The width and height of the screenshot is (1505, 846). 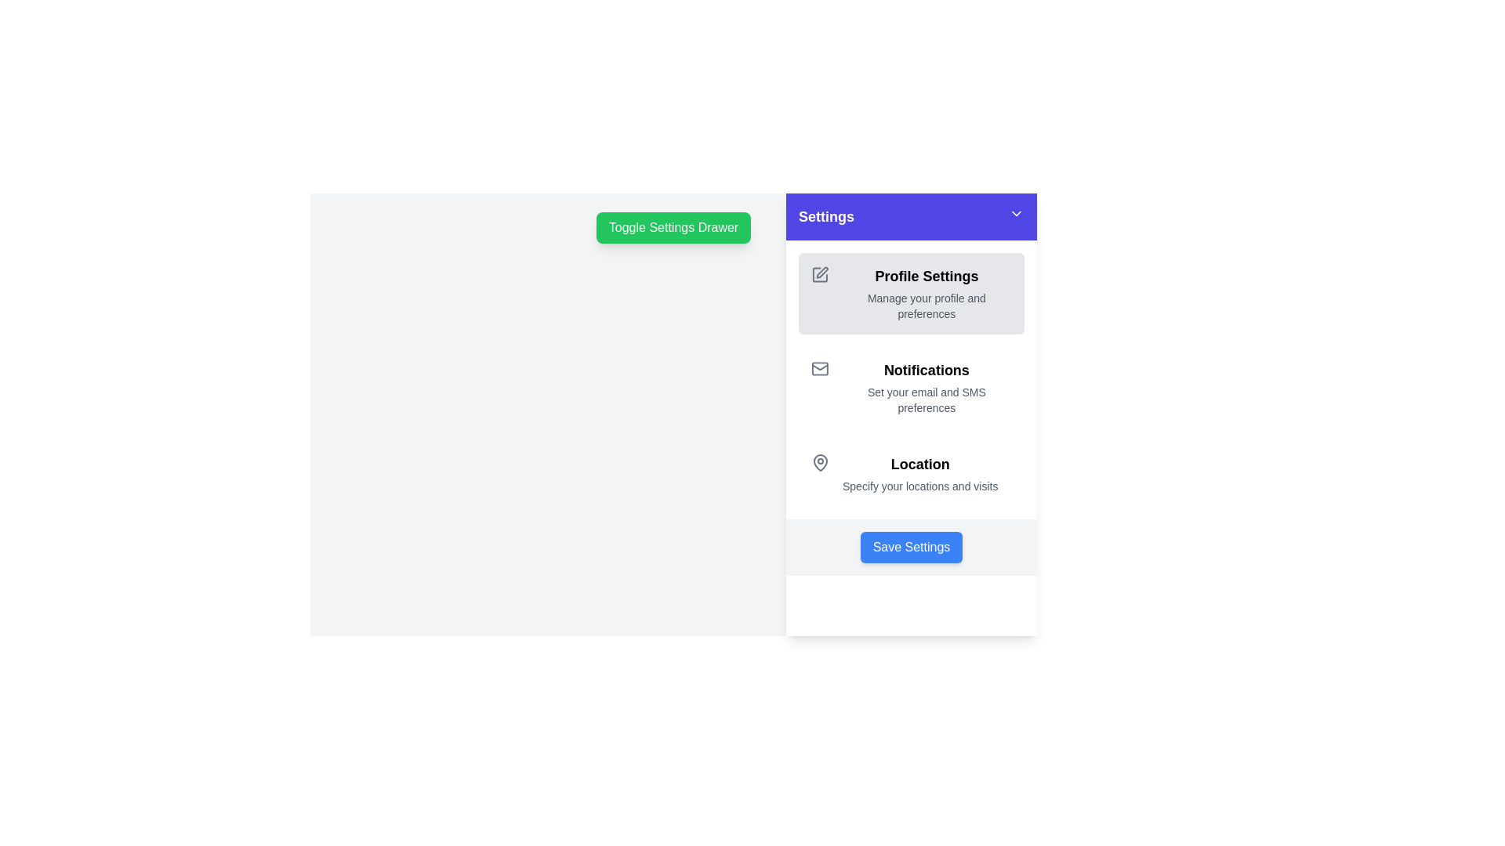 I want to click on the 'Settings' text label located in the top bar of the settings sidebar, so click(x=825, y=217).